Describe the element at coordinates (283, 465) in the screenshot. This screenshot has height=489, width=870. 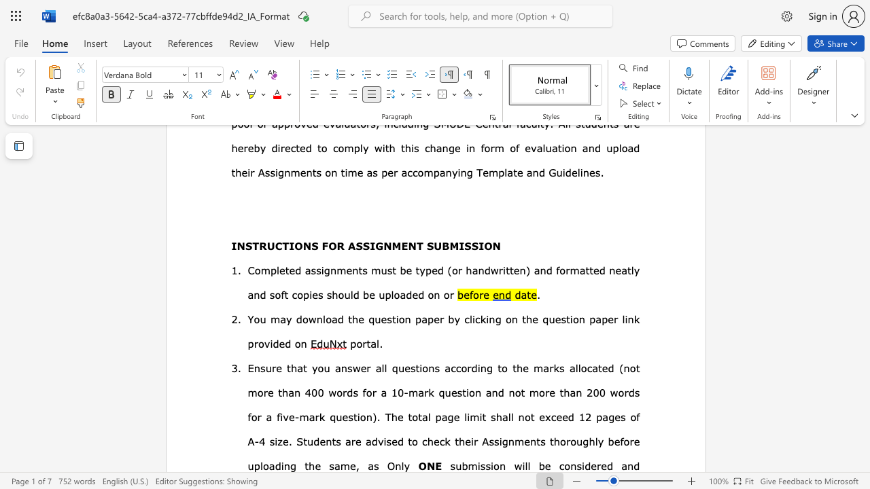
I see `the subset text "ng the" within the text "their Assignments thoroughly before uploading the same, as"` at that location.